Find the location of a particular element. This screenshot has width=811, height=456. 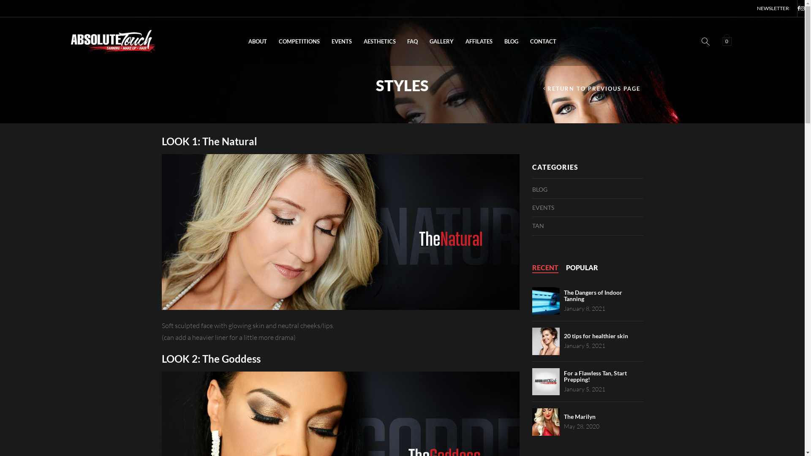

'BLOG' is located at coordinates (539, 188).